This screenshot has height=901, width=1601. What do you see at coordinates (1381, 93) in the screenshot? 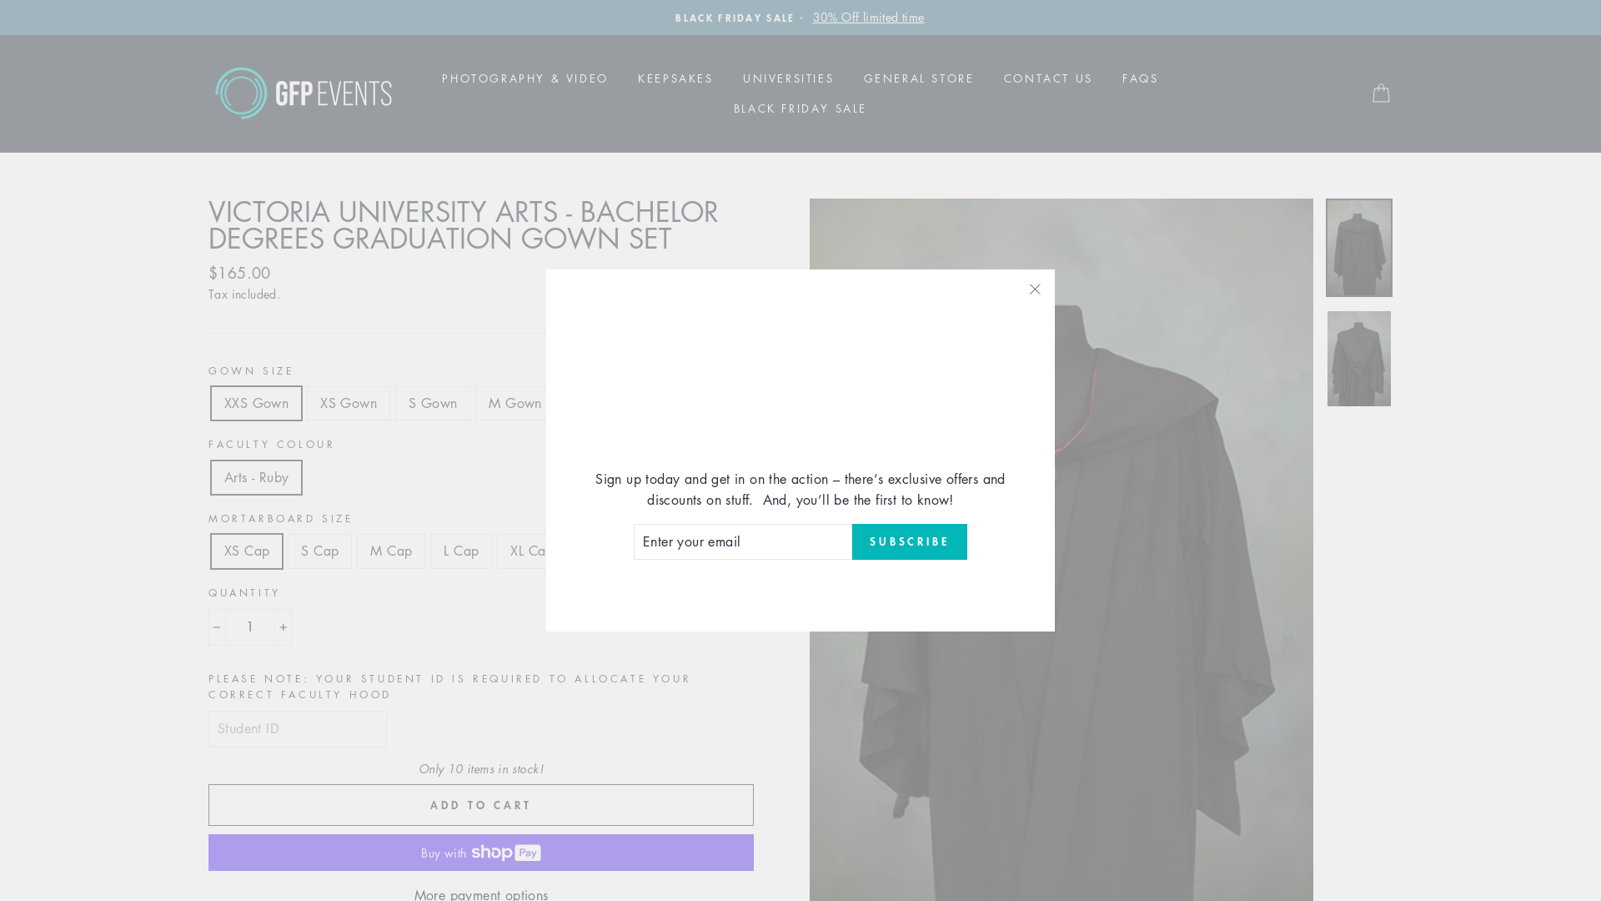
I see `'CART'` at bounding box center [1381, 93].